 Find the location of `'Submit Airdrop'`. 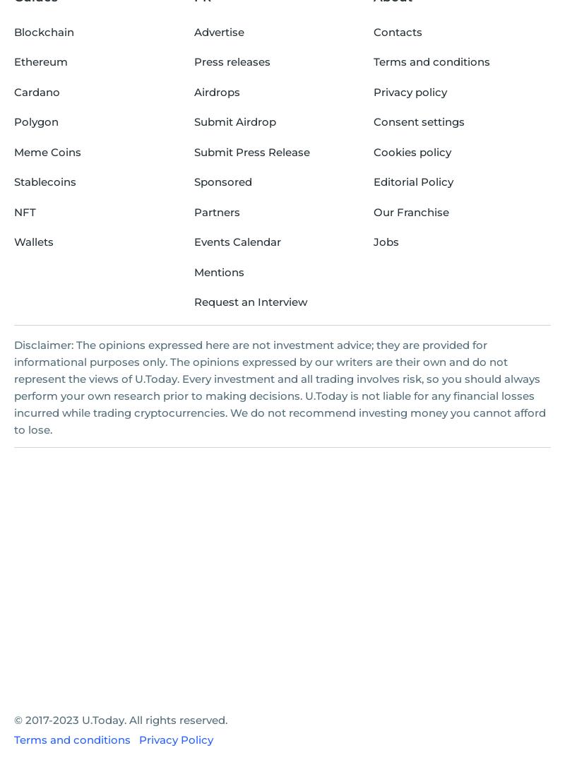

'Submit Airdrop' is located at coordinates (234, 121).